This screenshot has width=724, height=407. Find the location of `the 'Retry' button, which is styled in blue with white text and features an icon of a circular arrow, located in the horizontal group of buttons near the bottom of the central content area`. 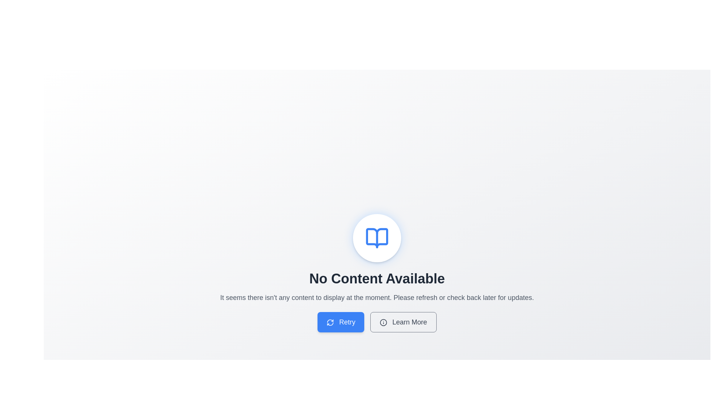

the 'Retry' button, which is styled in blue with white text and features an icon of a circular arrow, located in the horizontal group of buttons near the bottom of the central content area is located at coordinates (377, 322).